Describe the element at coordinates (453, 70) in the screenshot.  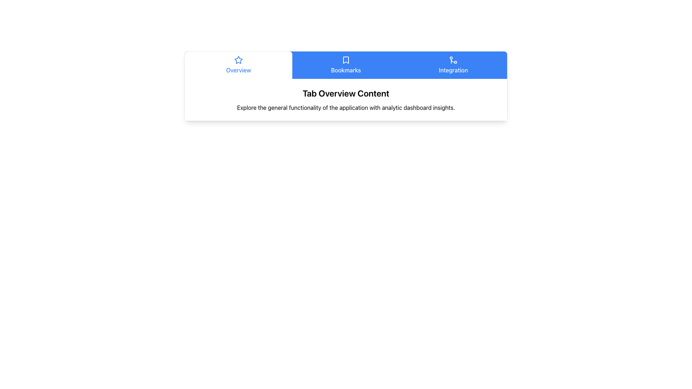
I see `the 'Integration' text label located at the bottom of the blue button-like area in the navigation menu` at that location.